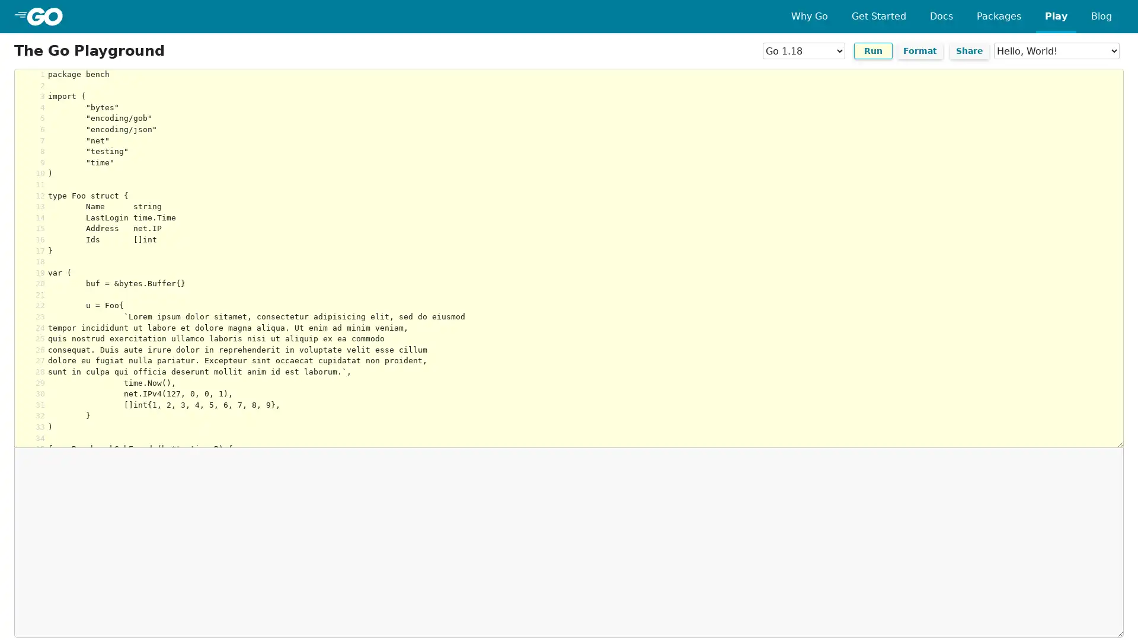  I want to click on Share, so click(970, 50).